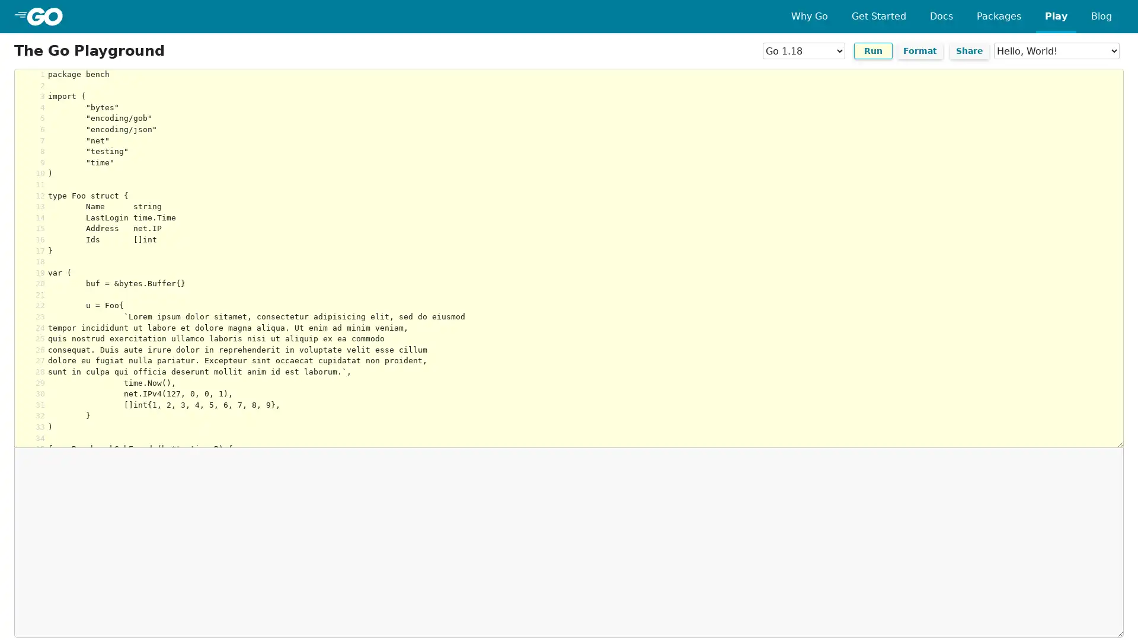  I want to click on Share, so click(970, 50).